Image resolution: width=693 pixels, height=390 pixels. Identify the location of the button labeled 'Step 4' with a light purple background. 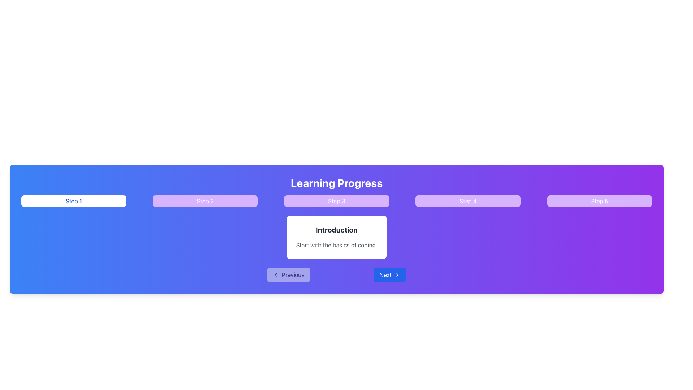
(468, 201).